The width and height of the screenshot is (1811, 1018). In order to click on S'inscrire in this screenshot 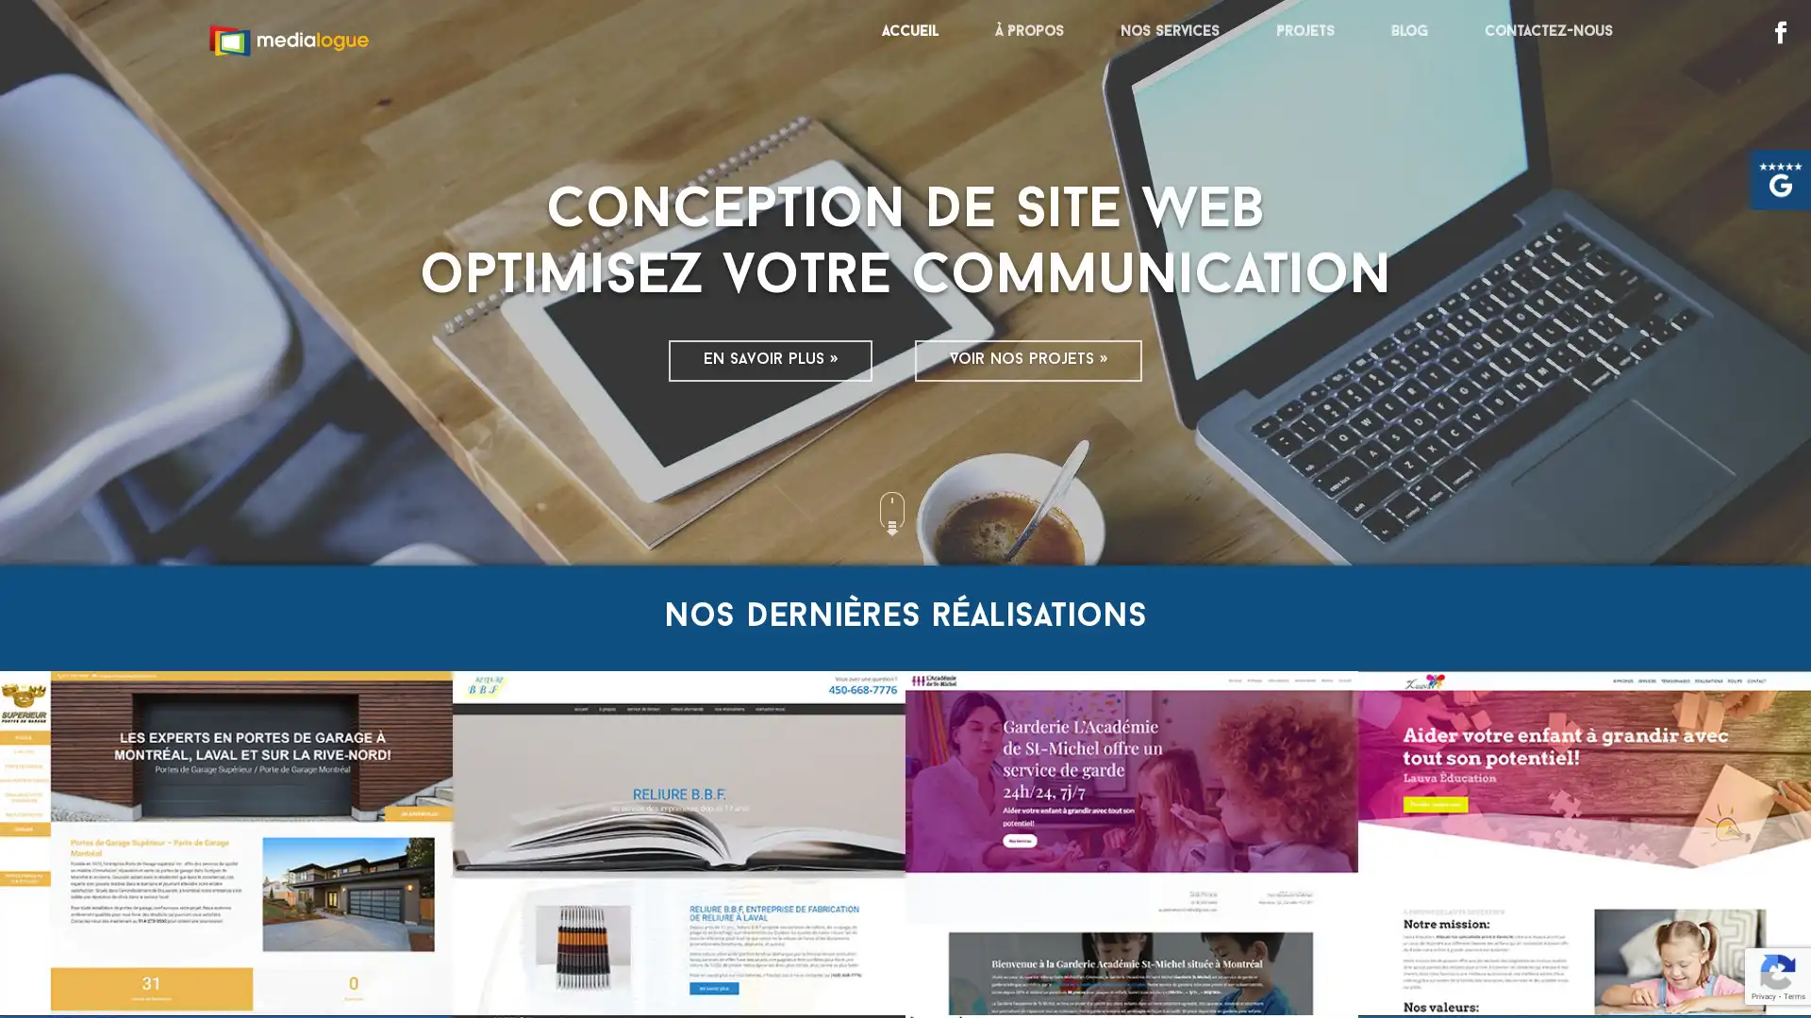, I will do `click(1660, 961)`.